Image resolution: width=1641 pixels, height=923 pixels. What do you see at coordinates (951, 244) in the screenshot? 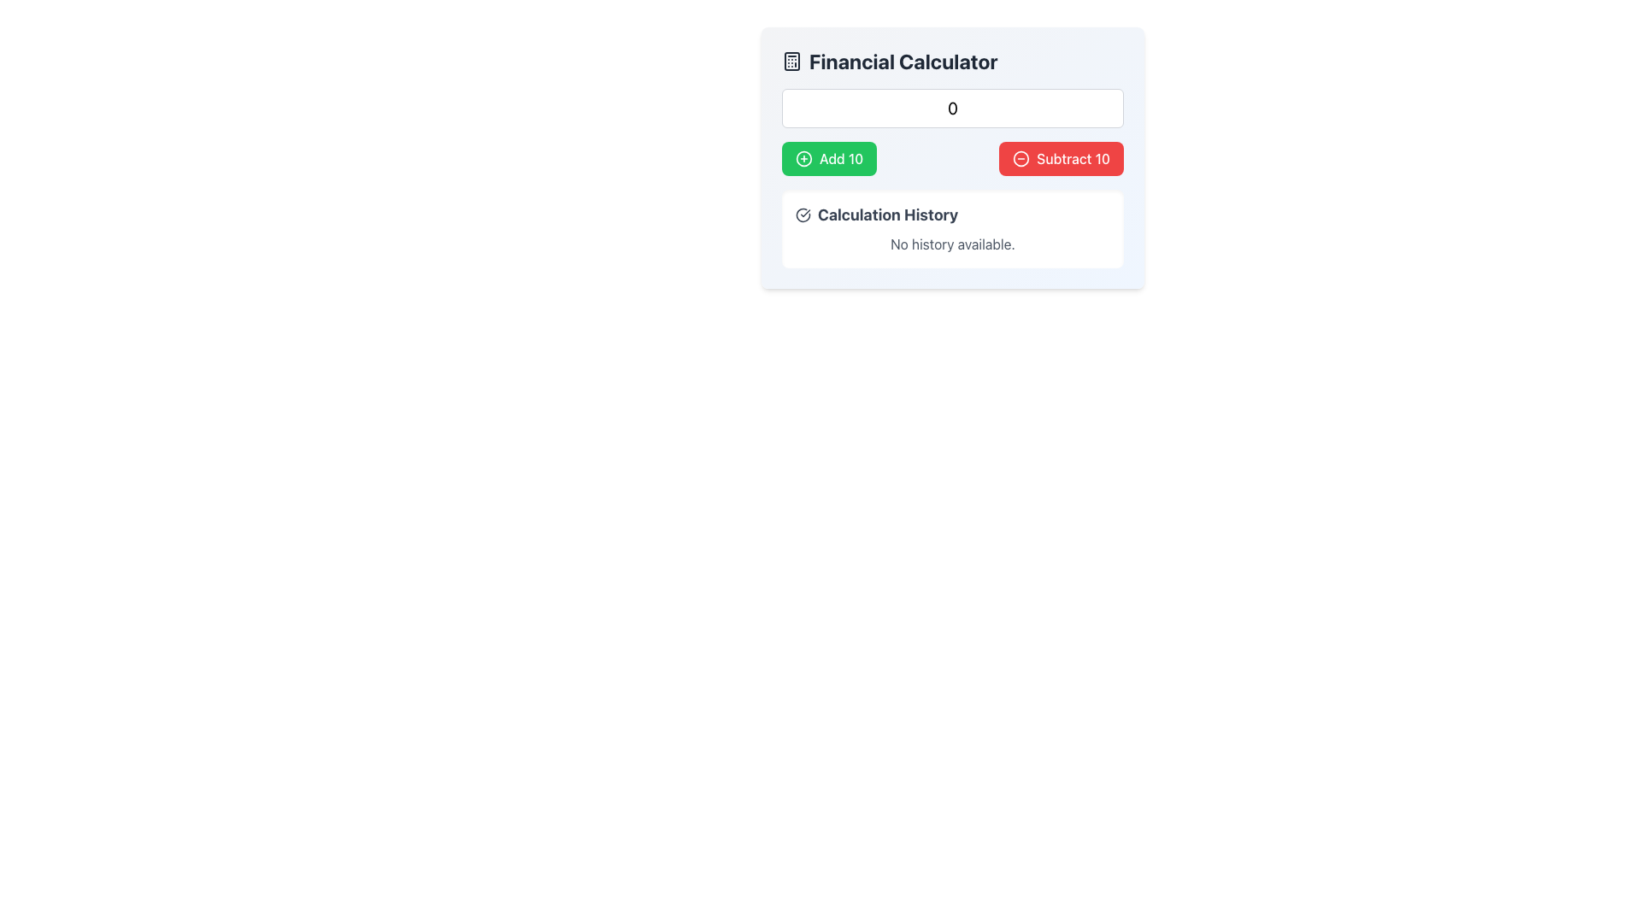
I see `the text label displaying 'No history available.' located below the 'Calculation History' section` at bounding box center [951, 244].